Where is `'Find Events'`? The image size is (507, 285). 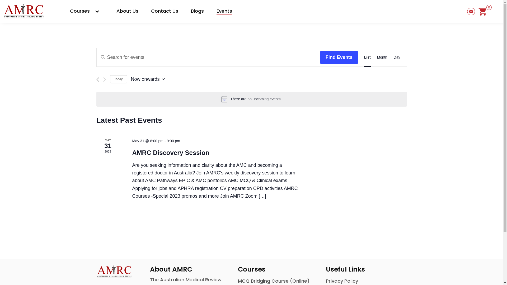 'Find Events' is located at coordinates (339, 57).